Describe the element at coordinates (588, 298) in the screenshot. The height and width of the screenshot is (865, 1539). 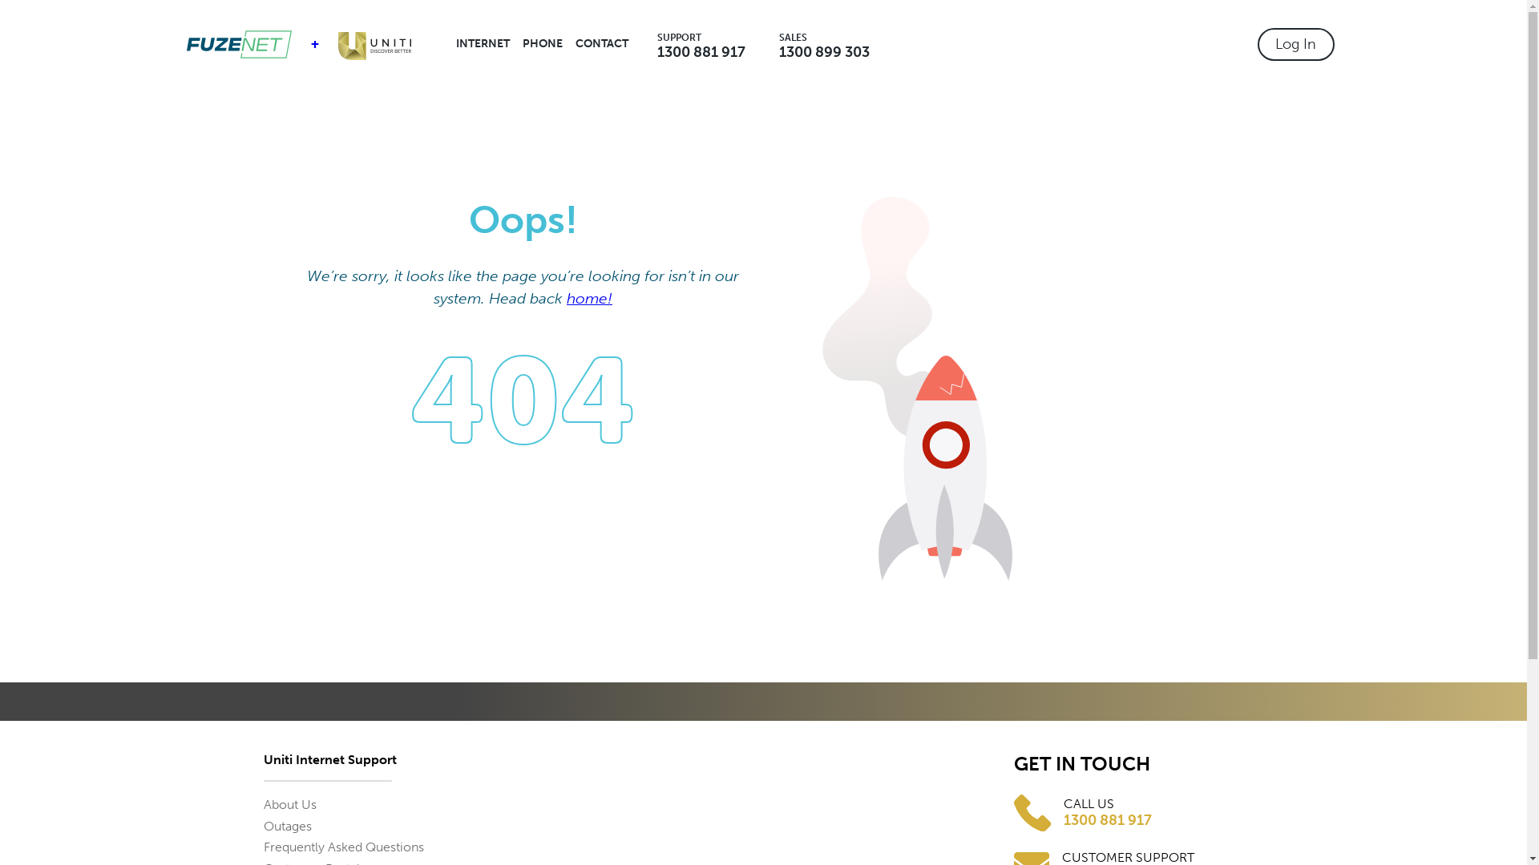
I see `'home!'` at that location.